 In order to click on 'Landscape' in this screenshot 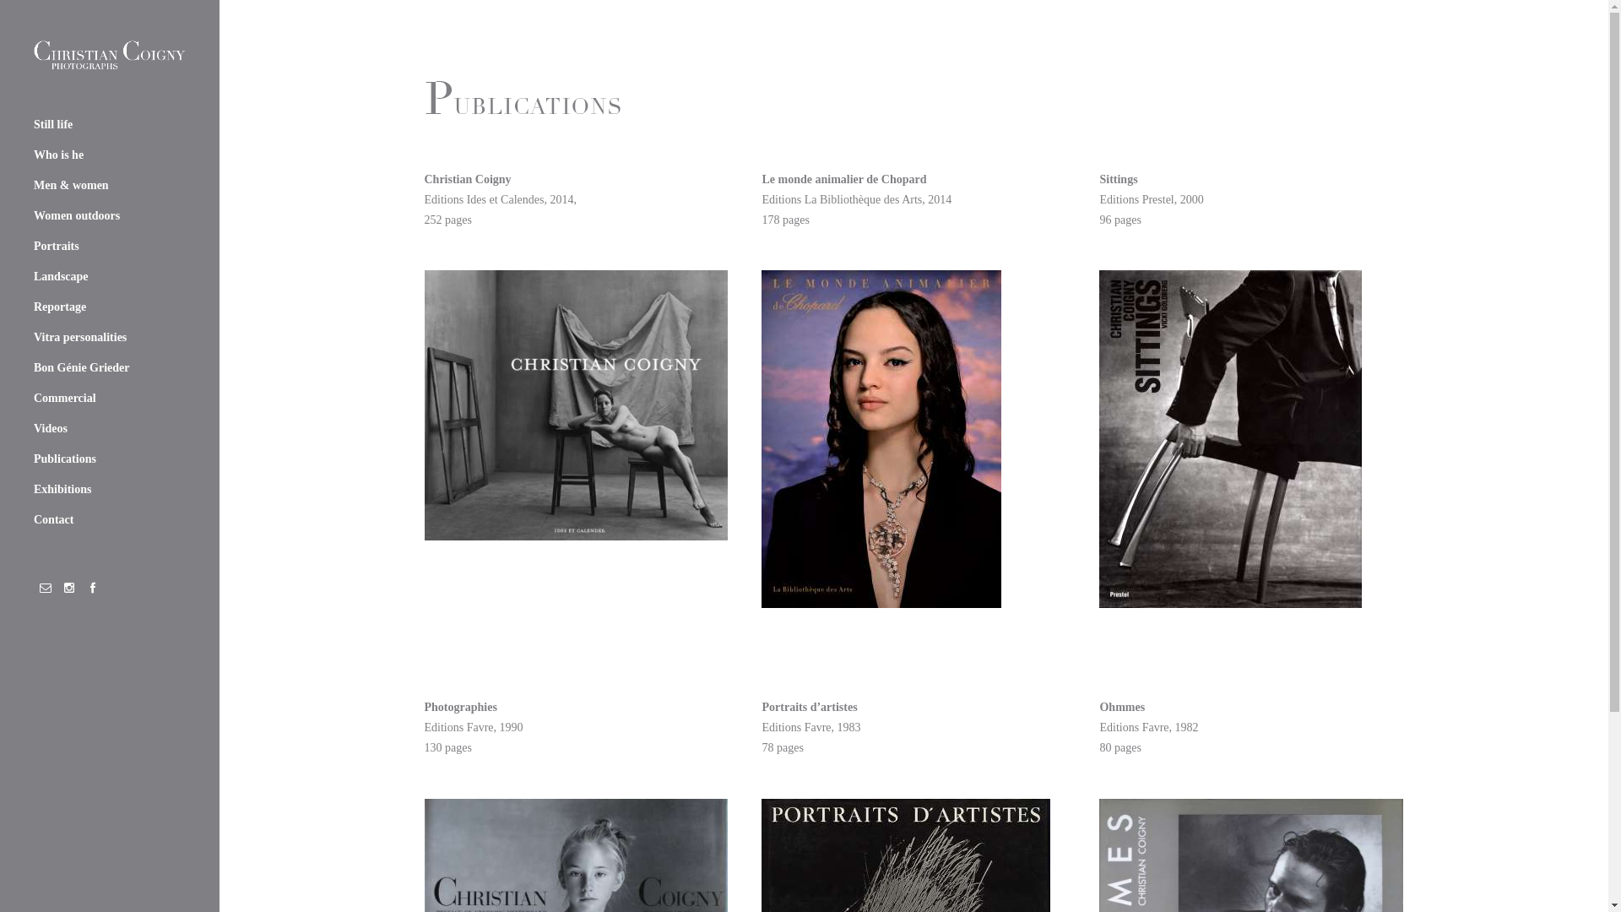, I will do `click(108, 275)`.